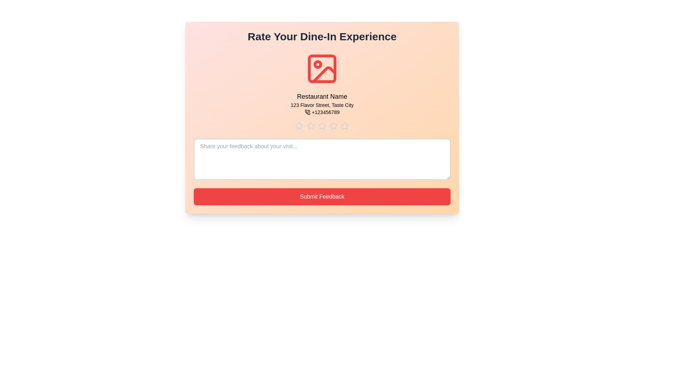 The height and width of the screenshot is (385, 685). Describe the element at coordinates (345, 125) in the screenshot. I see `the restaurant rating to 5 stars by clicking the respective star` at that location.